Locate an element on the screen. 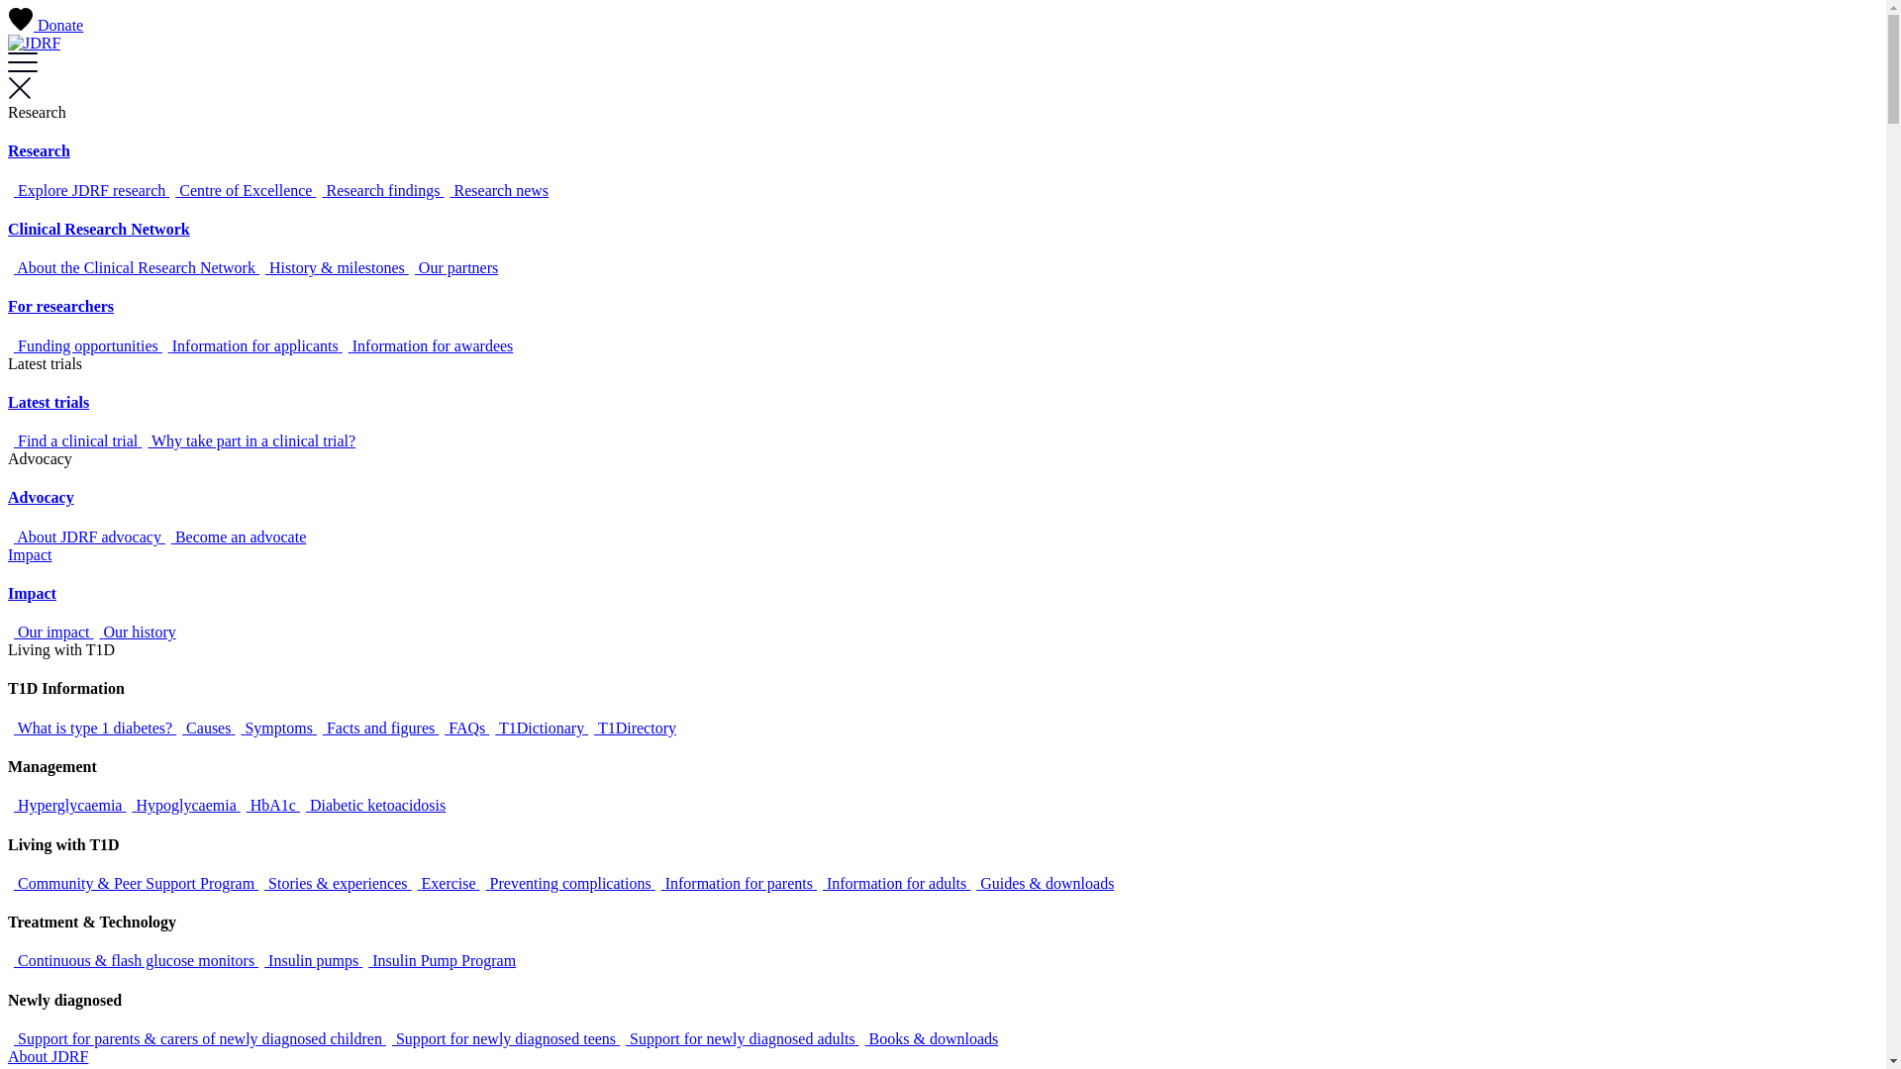  'Research' is located at coordinates (39, 149).